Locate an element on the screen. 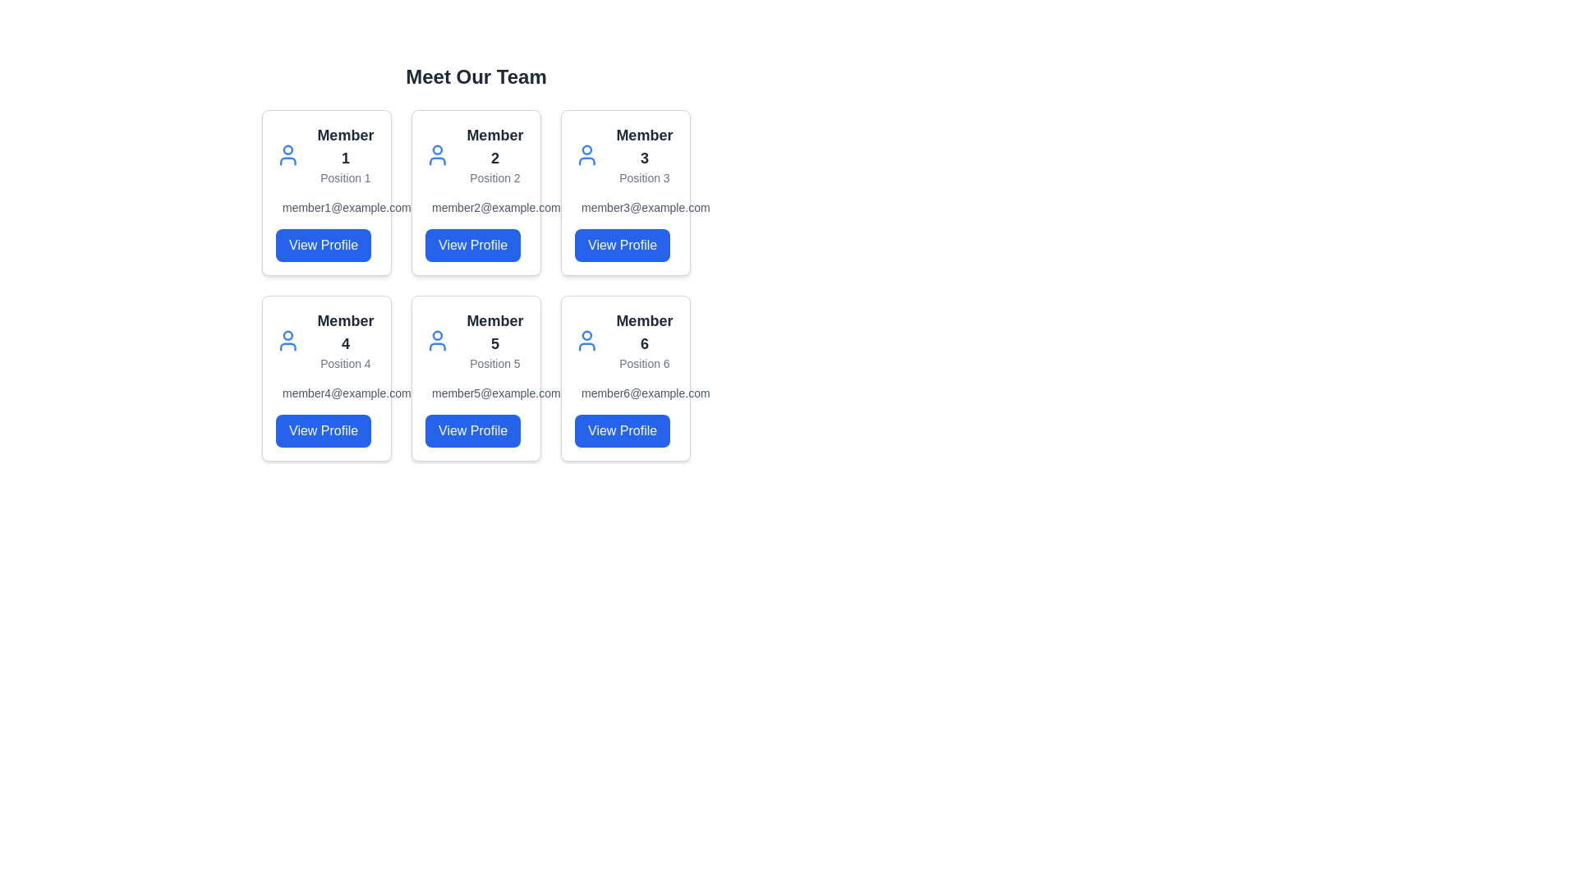 The height and width of the screenshot is (887, 1577). text displayed in the Text Label showing 'Position 4' located in the second row of the grid under the card titled 'Member 4' is located at coordinates (344, 363).